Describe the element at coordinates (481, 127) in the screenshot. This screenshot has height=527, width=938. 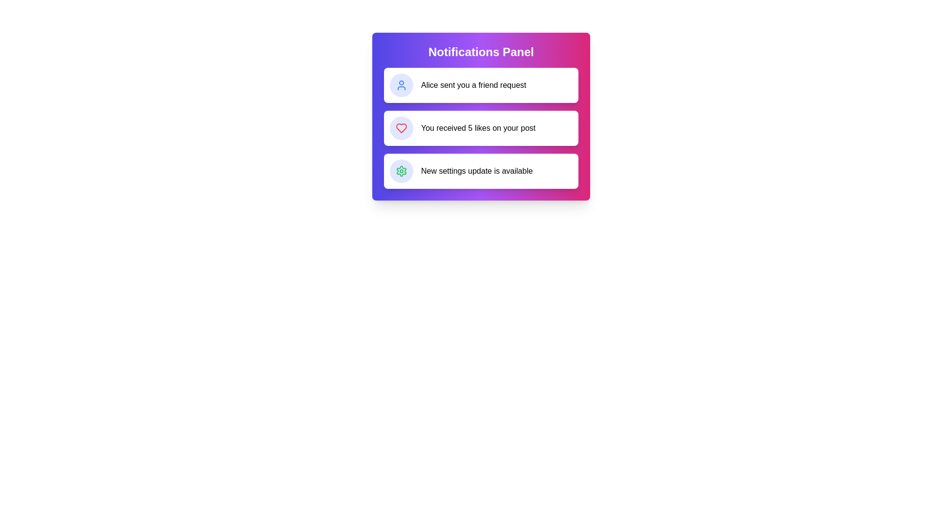
I see `the List of notifications in the central section of the Notifications Panel` at that location.